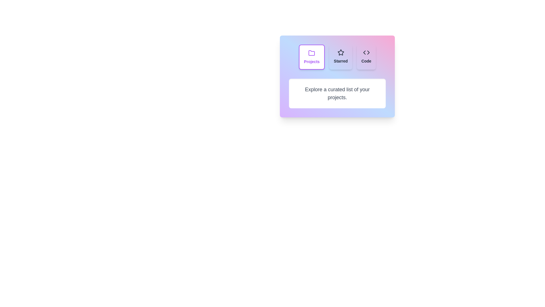 This screenshot has height=307, width=545. Describe the element at coordinates (366, 57) in the screenshot. I see `the Code tab to observe its hover effect` at that location.